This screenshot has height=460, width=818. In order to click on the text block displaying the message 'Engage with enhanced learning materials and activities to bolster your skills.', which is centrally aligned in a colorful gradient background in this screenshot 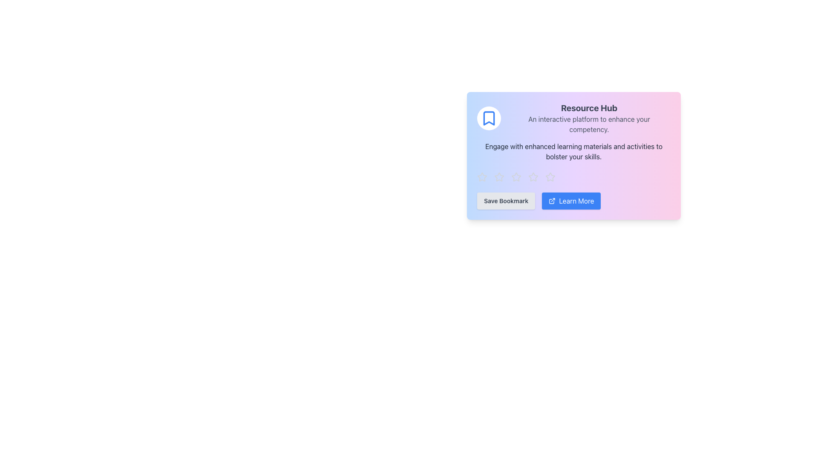, I will do `click(574, 151)`.